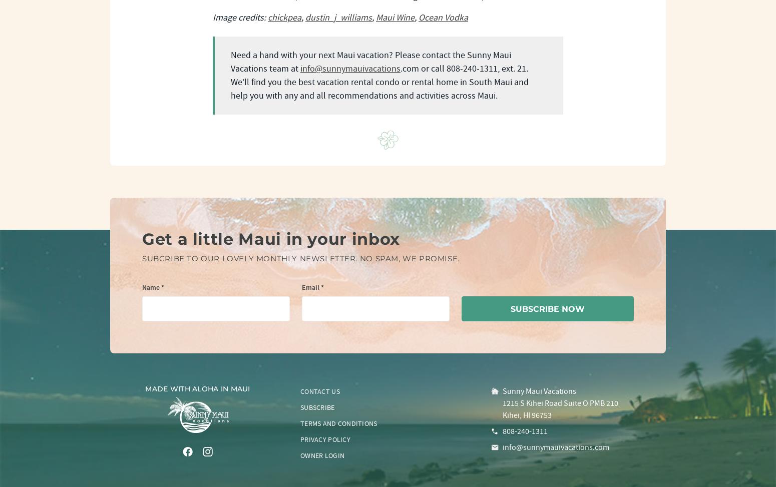 The width and height of the screenshot is (776, 487). What do you see at coordinates (230, 61) in the screenshot?
I see `'Need a hand with your next Maui vacation? Please contact the Sunny Maui Vacations team at'` at bounding box center [230, 61].